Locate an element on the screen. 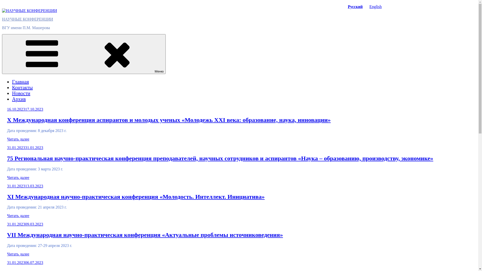 The image size is (482, 271). 'English' is located at coordinates (376, 7).